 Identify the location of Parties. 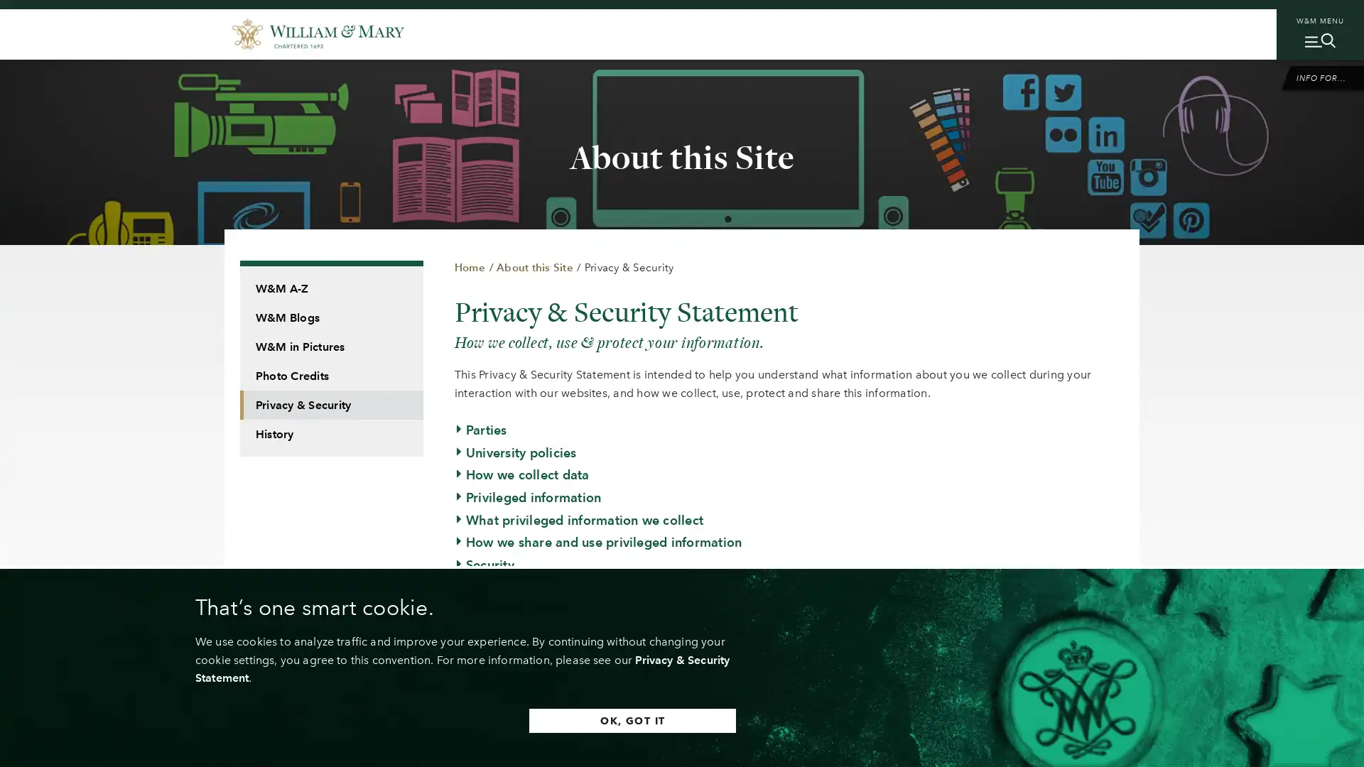
(480, 429).